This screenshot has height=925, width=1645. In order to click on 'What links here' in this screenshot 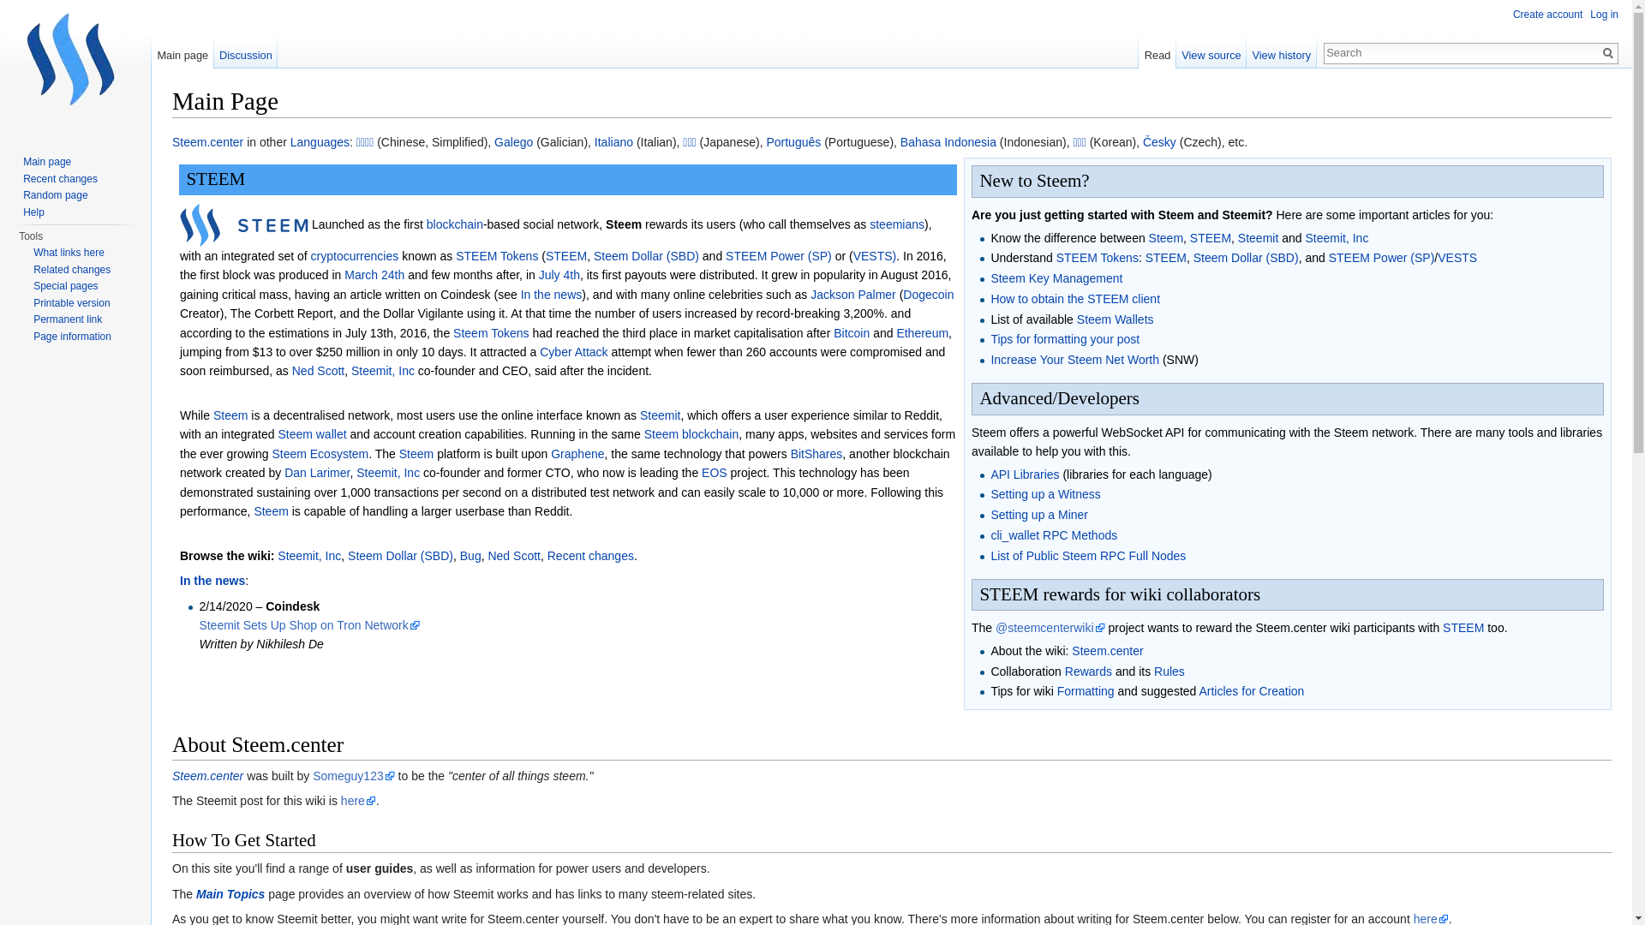, I will do `click(69, 252)`.